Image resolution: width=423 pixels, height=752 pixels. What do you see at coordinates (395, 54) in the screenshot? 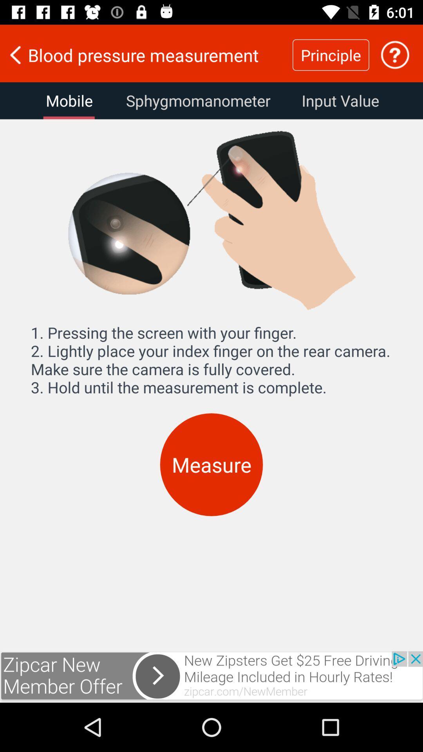
I see `the help icone` at bounding box center [395, 54].